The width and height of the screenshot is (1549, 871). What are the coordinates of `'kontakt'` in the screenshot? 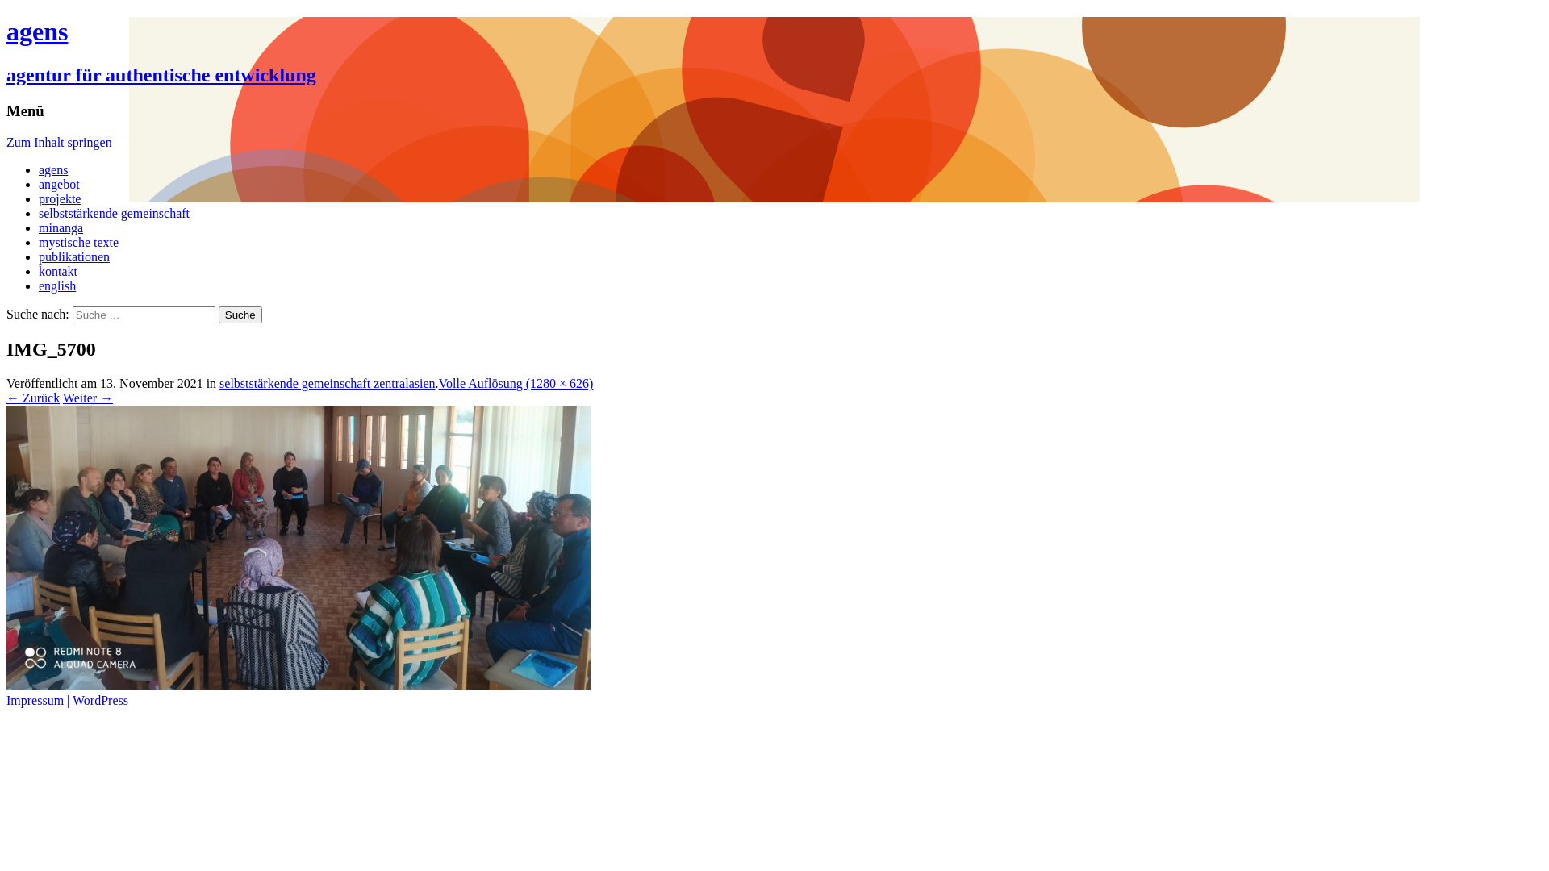 It's located at (58, 270).